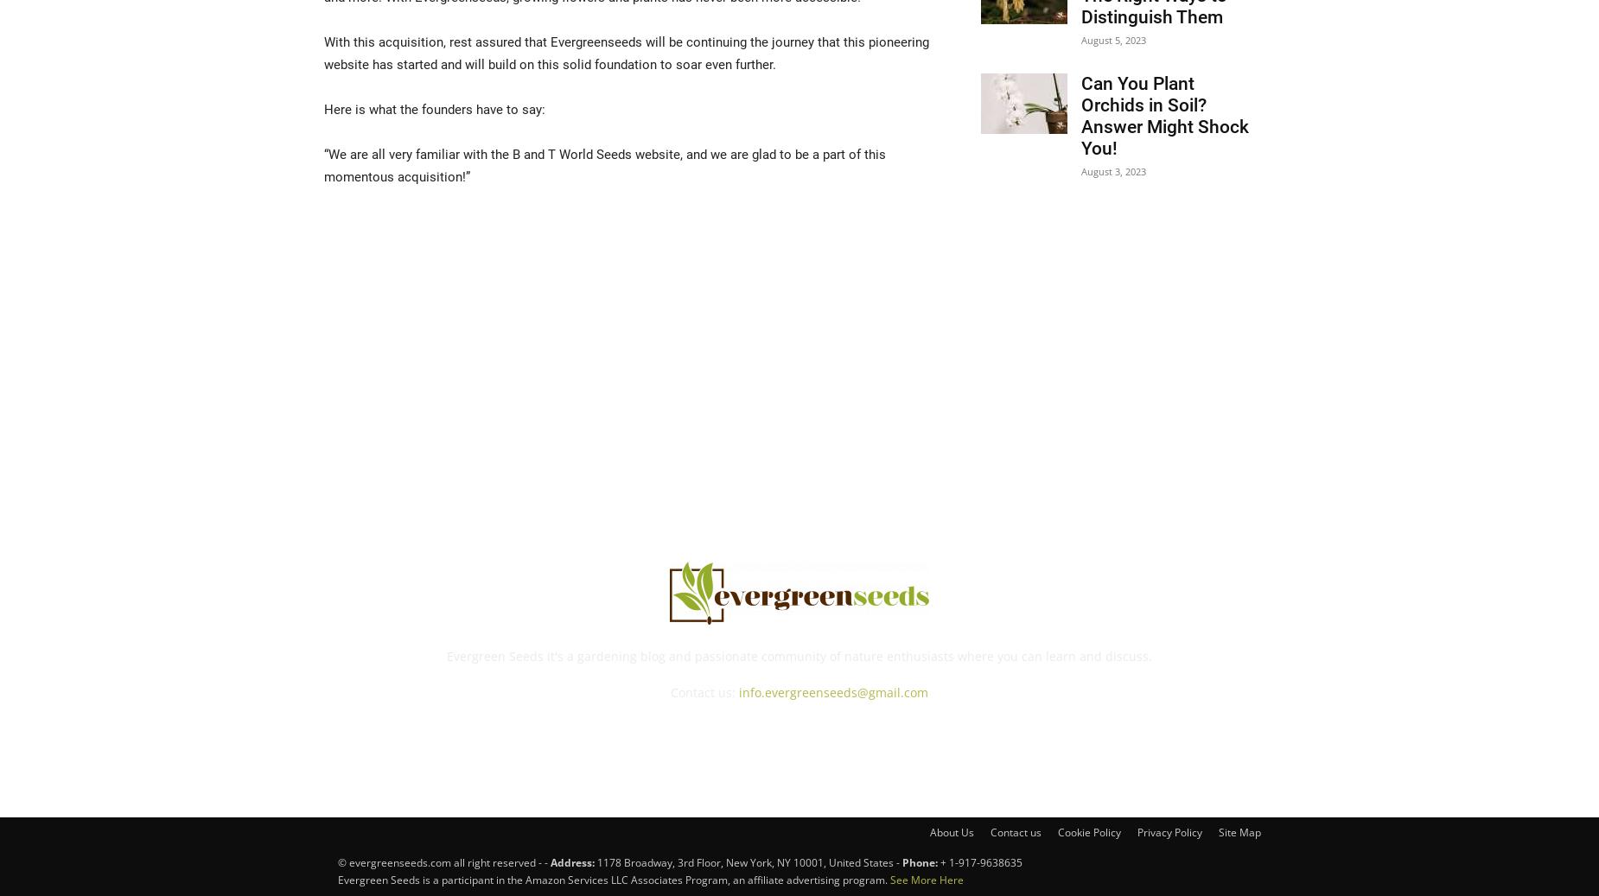 This screenshot has height=896, width=1599. I want to click on '1178 Broadway, 3rd Floor, New York, NY 10001, United States -', so click(749, 862).